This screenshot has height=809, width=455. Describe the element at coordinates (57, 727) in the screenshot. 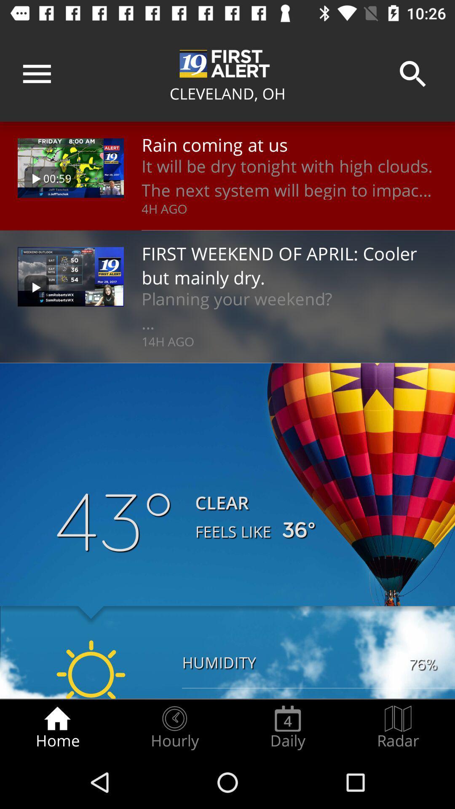

I see `the home item` at that location.